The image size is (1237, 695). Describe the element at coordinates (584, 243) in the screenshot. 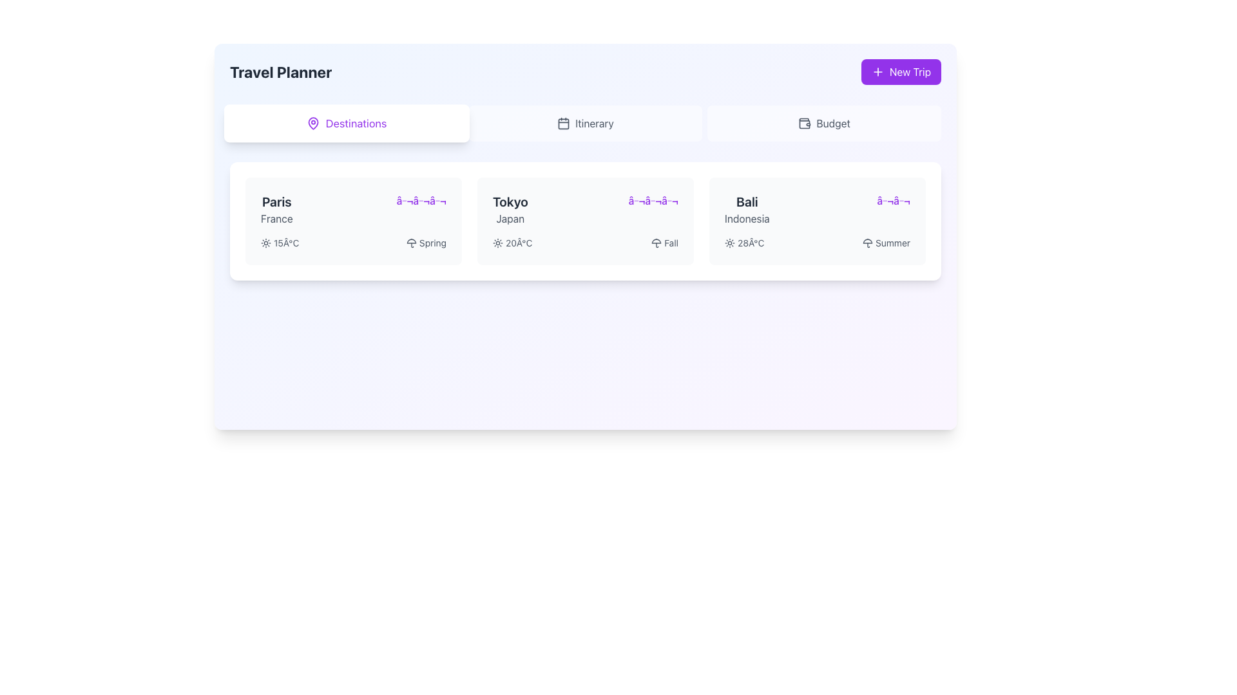

I see `the weather details element for Tokyo, which includes temperature and seasonal information, located at the bottom row of the Tokyo destination card` at that location.